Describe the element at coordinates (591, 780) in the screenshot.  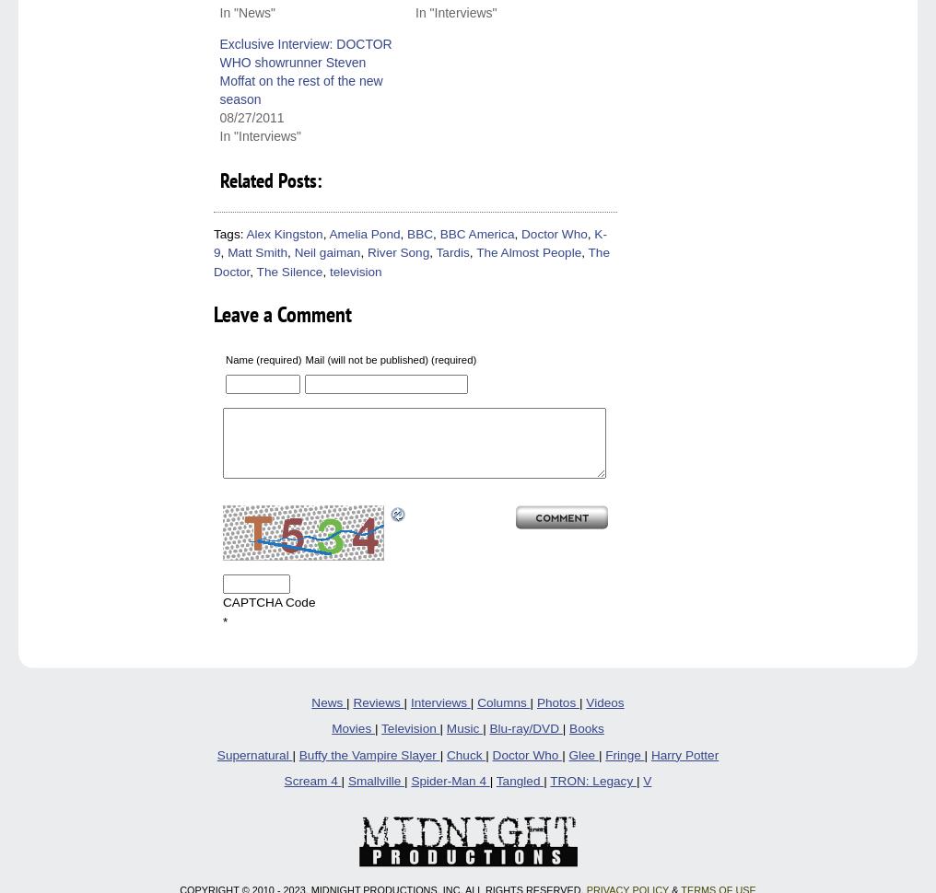
I see `'TRON: Legacy'` at that location.